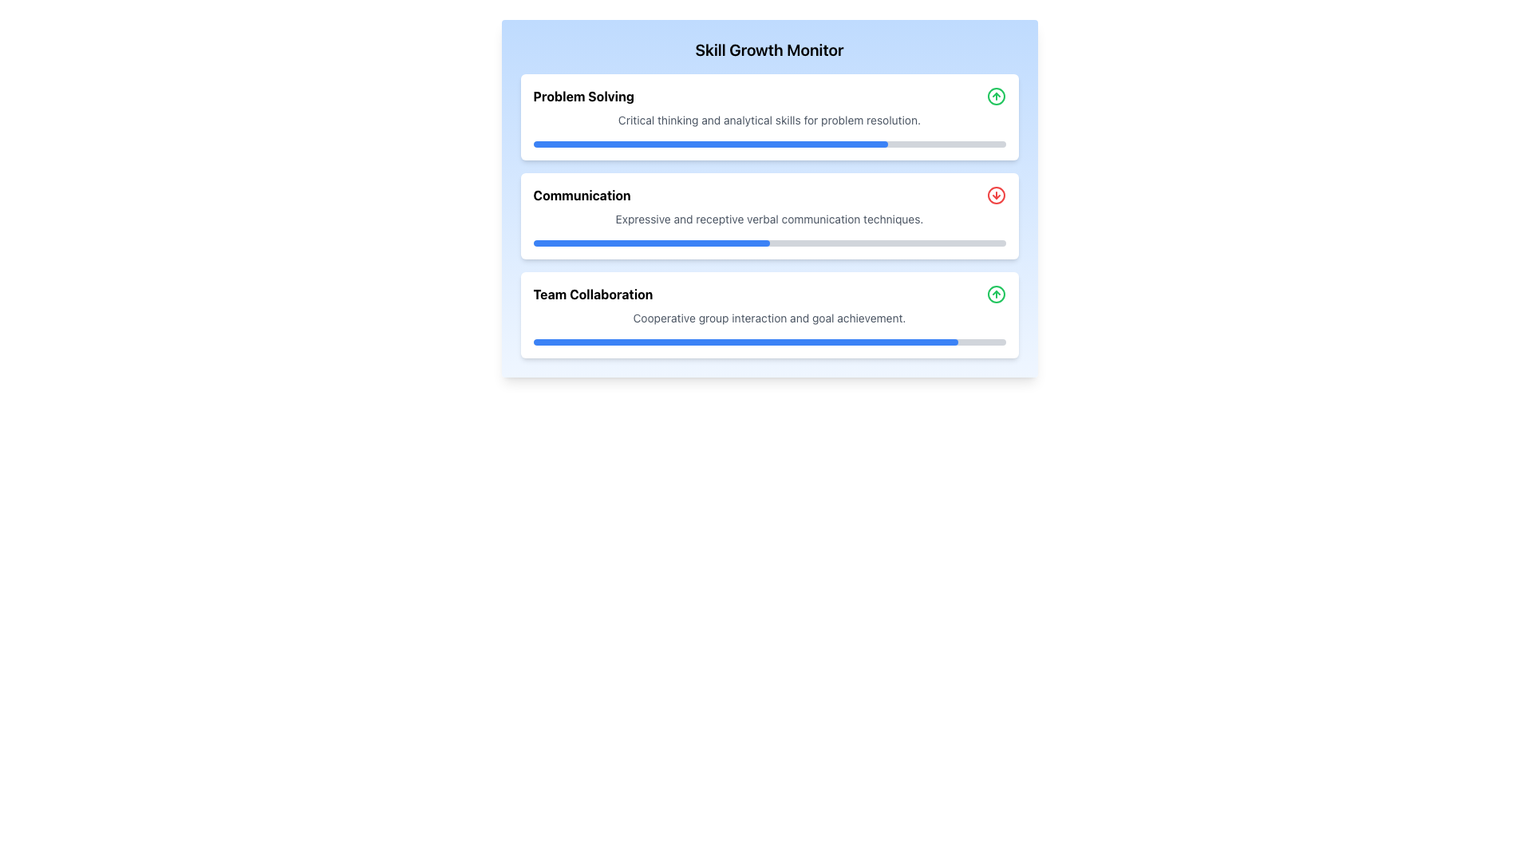 Image resolution: width=1532 pixels, height=862 pixels. What do you see at coordinates (769, 116) in the screenshot?
I see `the Info Card titled 'Problem Solving', which features a green upward arrow icon and a horizontal progress bar at the bottom` at bounding box center [769, 116].